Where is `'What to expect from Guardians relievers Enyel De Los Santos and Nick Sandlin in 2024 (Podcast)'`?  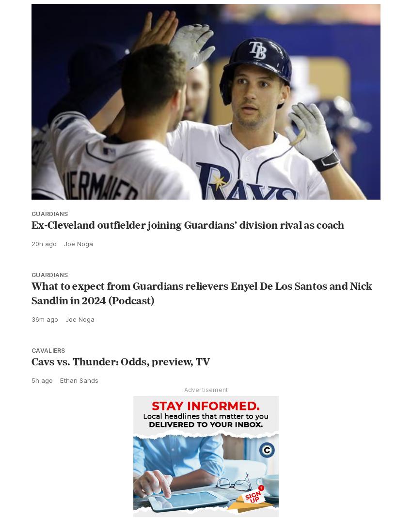 'What to expect from Guardians relievers Enyel De Los Santos and Nick Sandlin in 2024 (Podcast)' is located at coordinates (202, 314).